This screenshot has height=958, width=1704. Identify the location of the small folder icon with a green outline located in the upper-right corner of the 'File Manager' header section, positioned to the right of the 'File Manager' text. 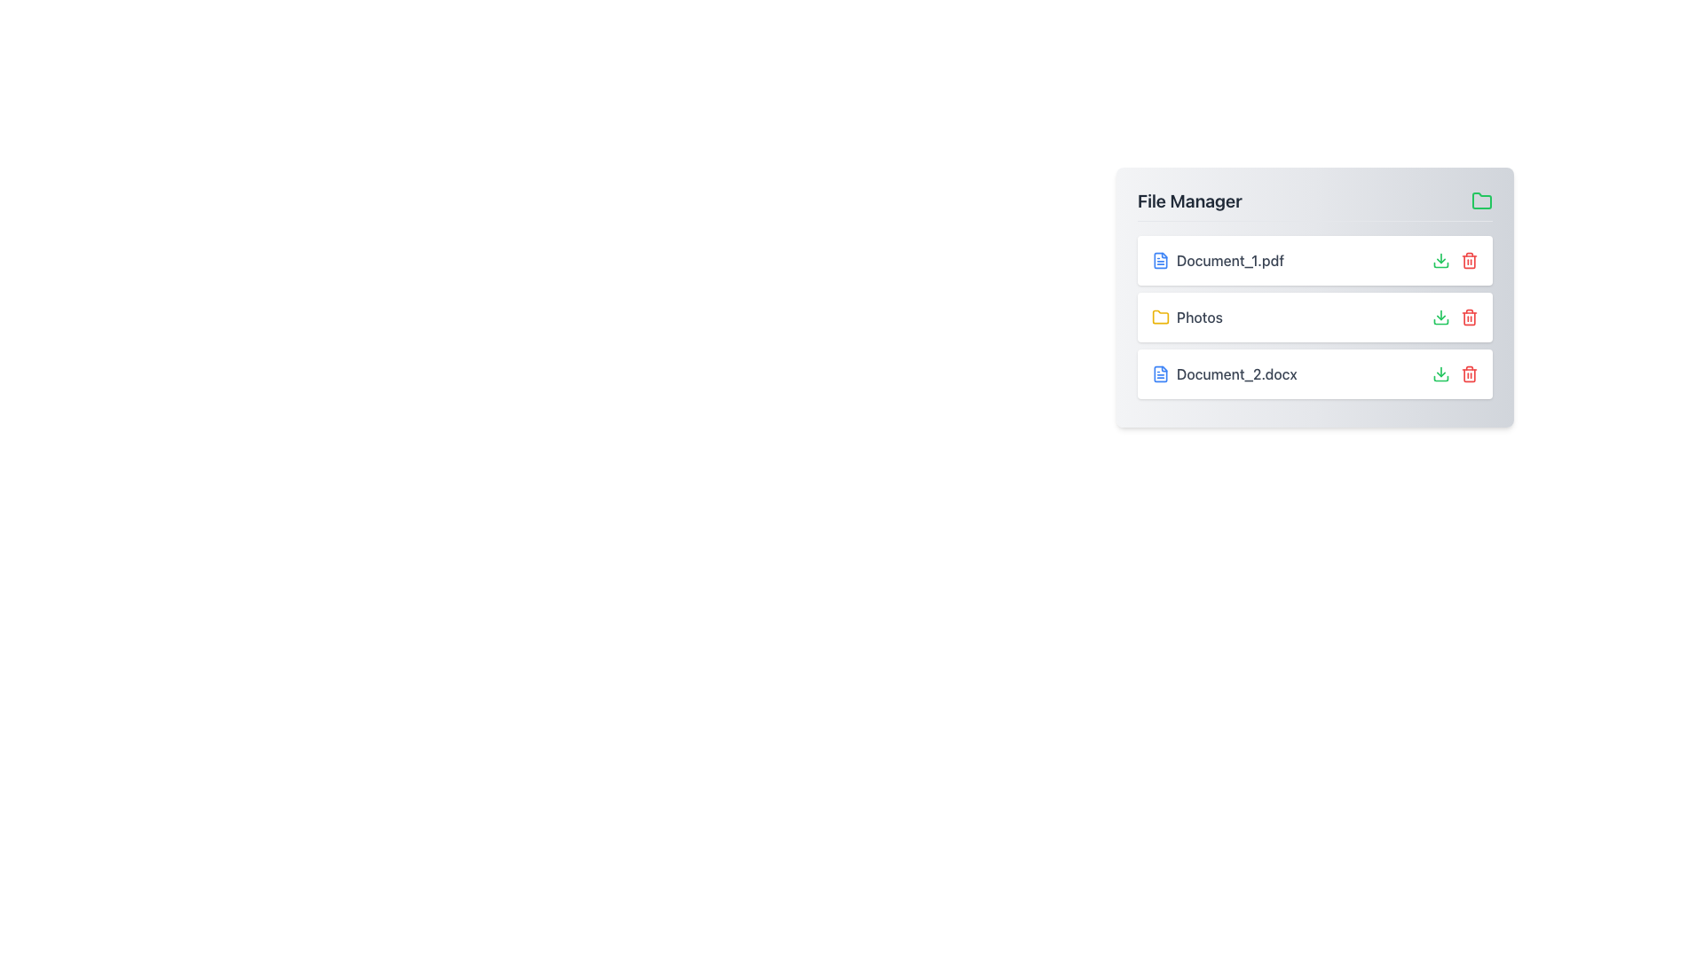
(1482, 200).